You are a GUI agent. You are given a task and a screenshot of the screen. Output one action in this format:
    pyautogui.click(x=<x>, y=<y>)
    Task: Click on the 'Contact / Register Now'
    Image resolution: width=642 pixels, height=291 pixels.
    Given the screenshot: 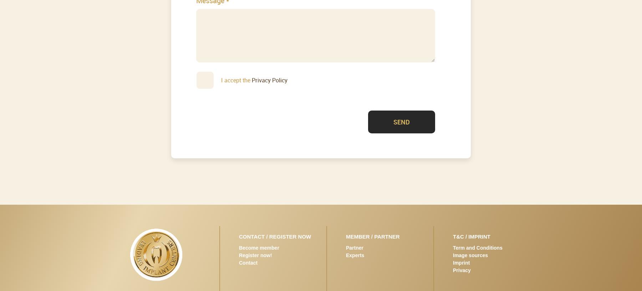 What is the action you would take?
    pyautogui.click(x=274, y=236)
    